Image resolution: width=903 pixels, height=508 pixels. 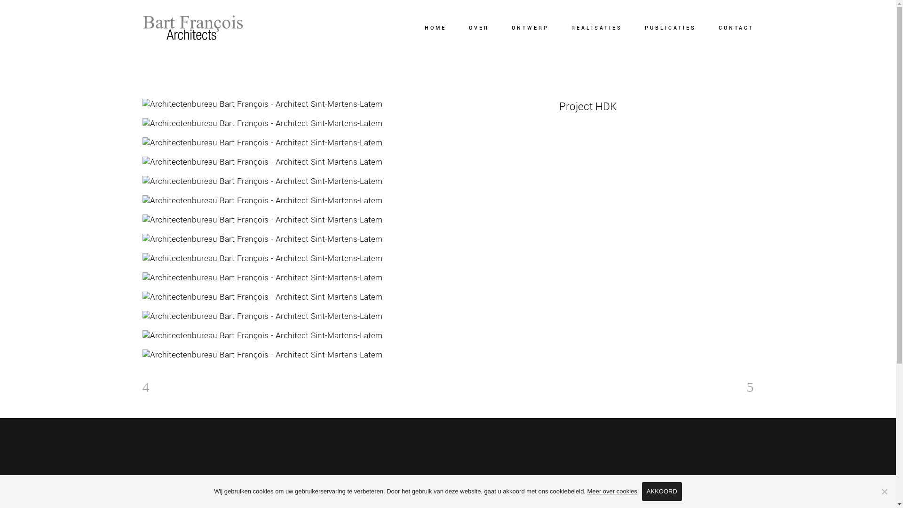 I want to click on 'HOME', so click(x=435, y=28).